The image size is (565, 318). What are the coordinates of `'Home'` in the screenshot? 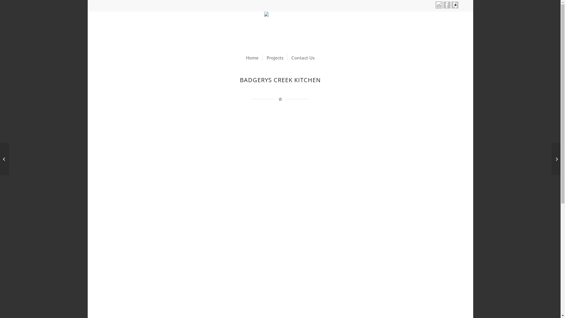 It's located at (252, 58).